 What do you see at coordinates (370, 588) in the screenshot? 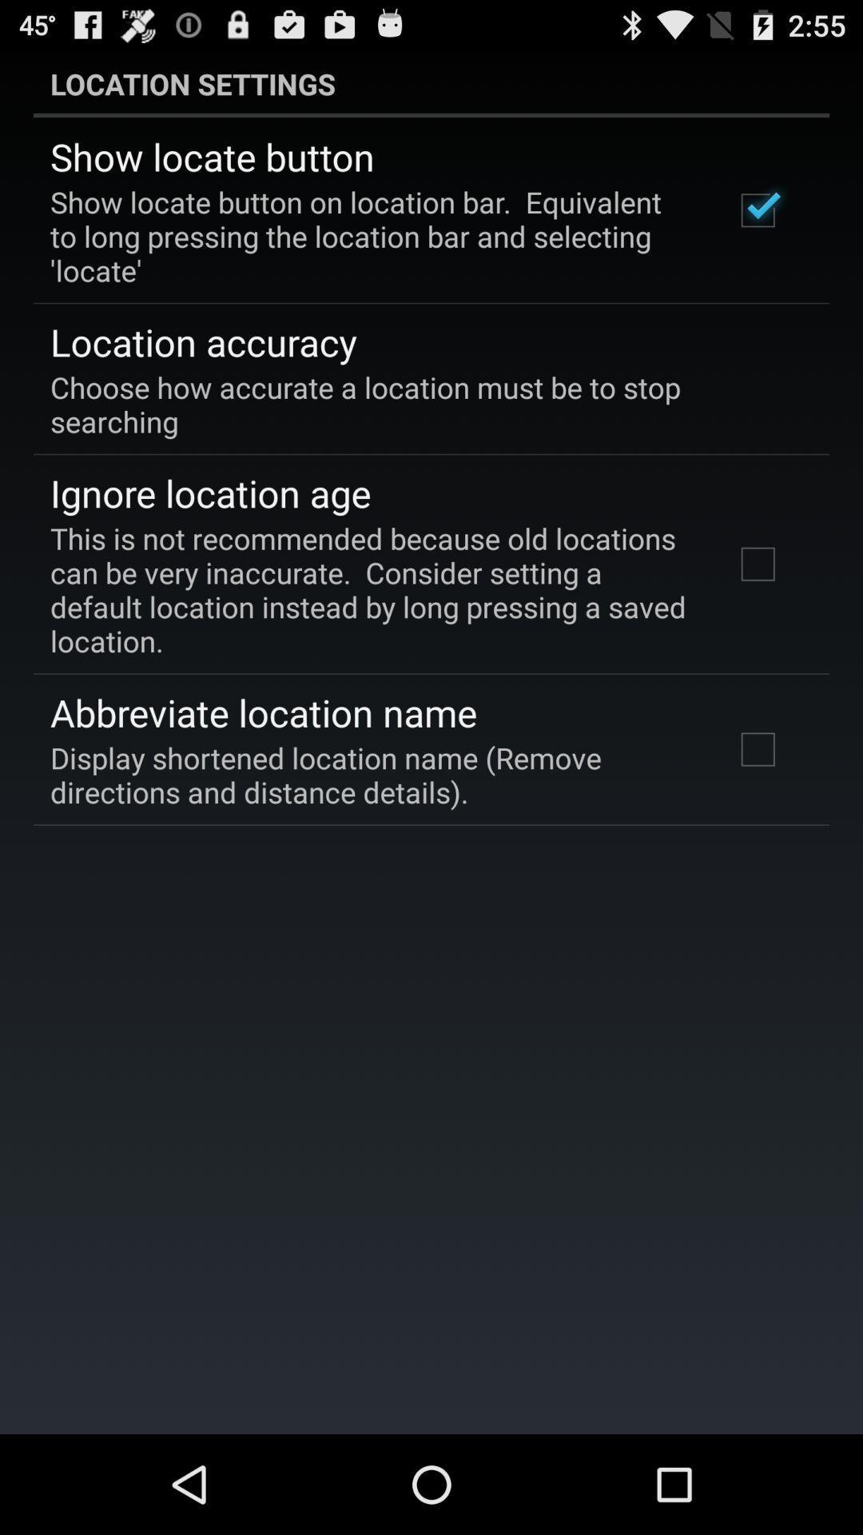
I see `the item below the ignore location age icon` at bounding box center [370, 588].